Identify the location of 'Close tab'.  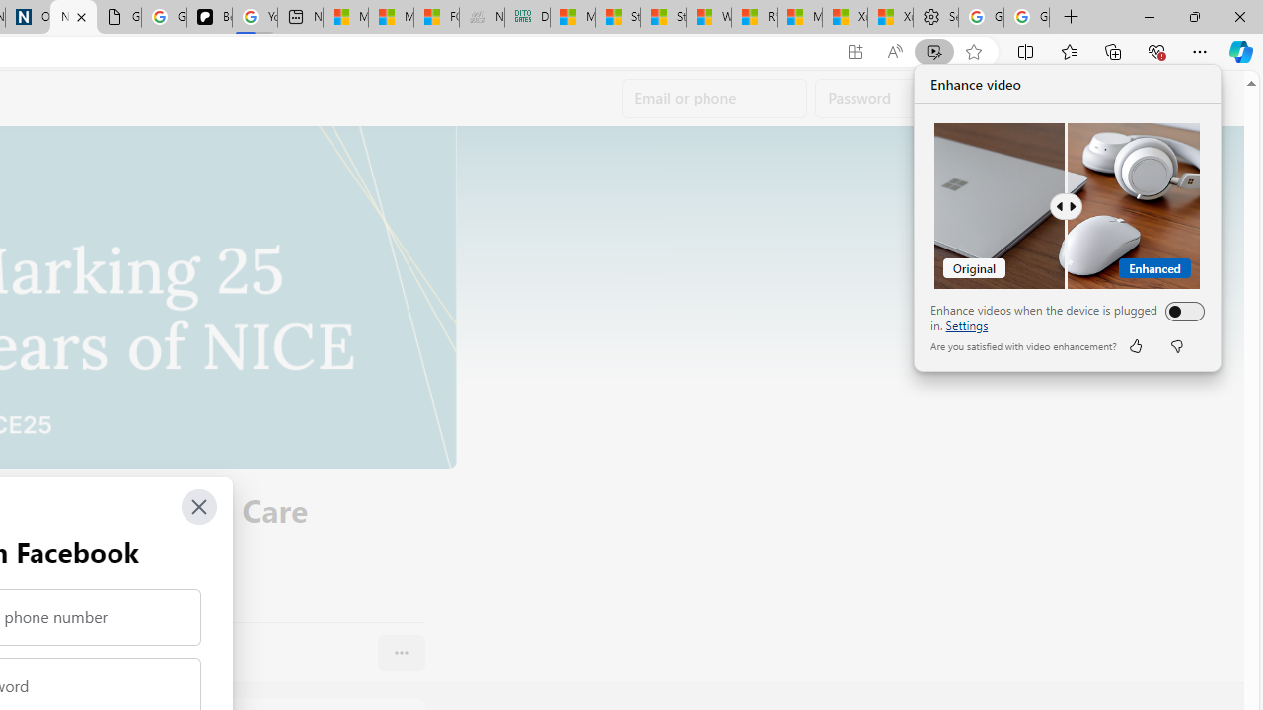
(80, 17).